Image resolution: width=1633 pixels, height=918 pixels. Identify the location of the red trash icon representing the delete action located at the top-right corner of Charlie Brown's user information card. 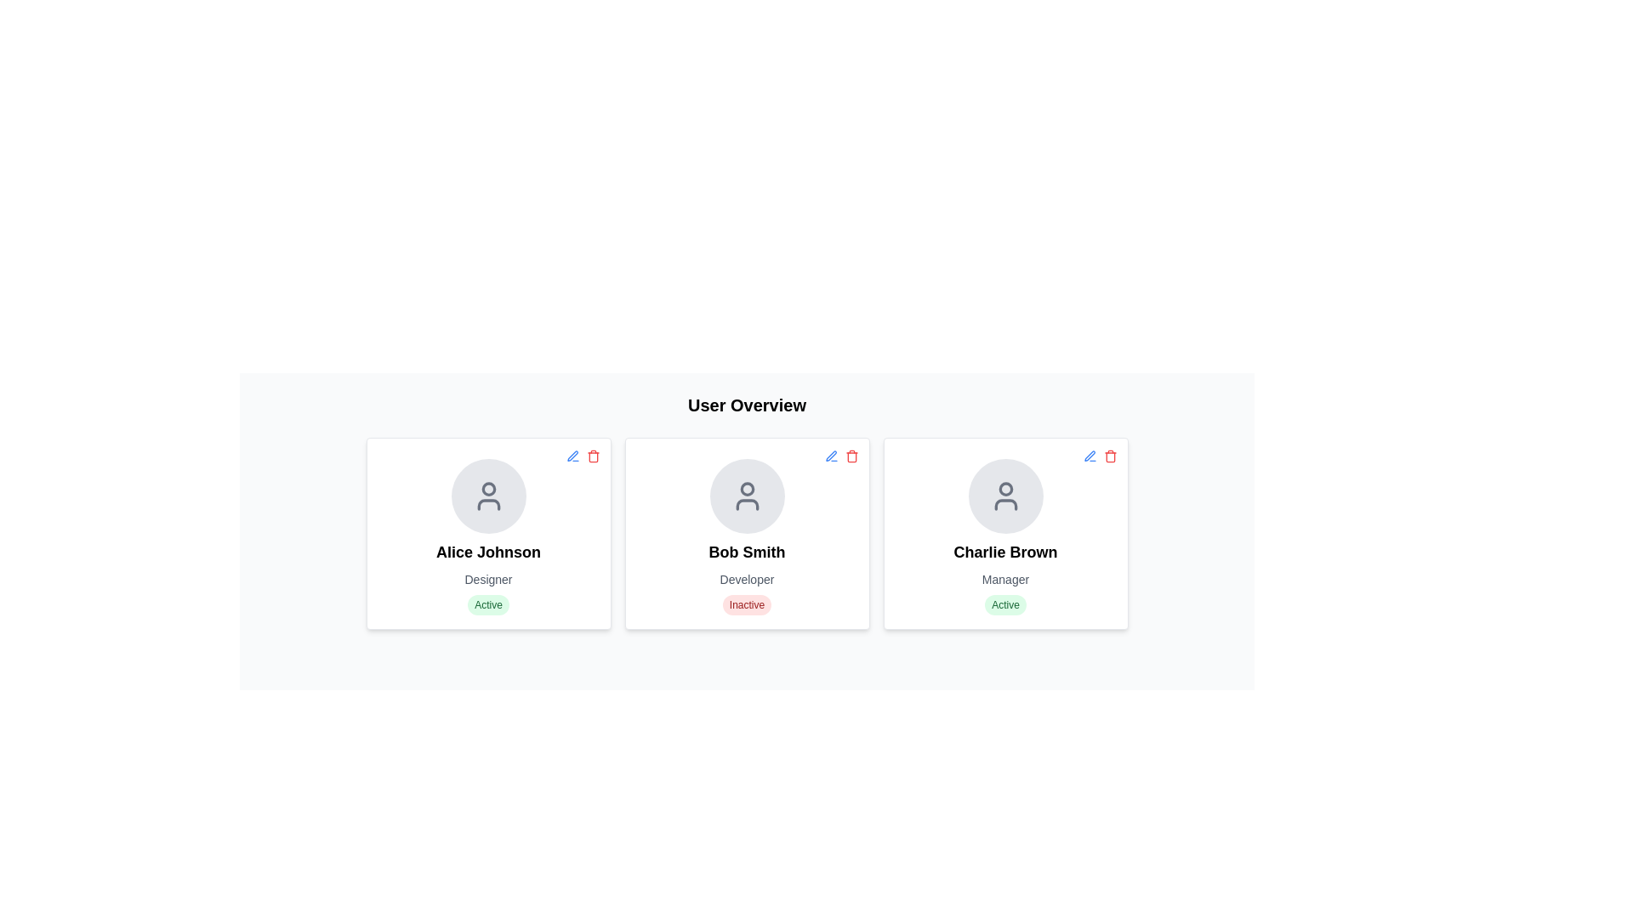
(1110, 455).